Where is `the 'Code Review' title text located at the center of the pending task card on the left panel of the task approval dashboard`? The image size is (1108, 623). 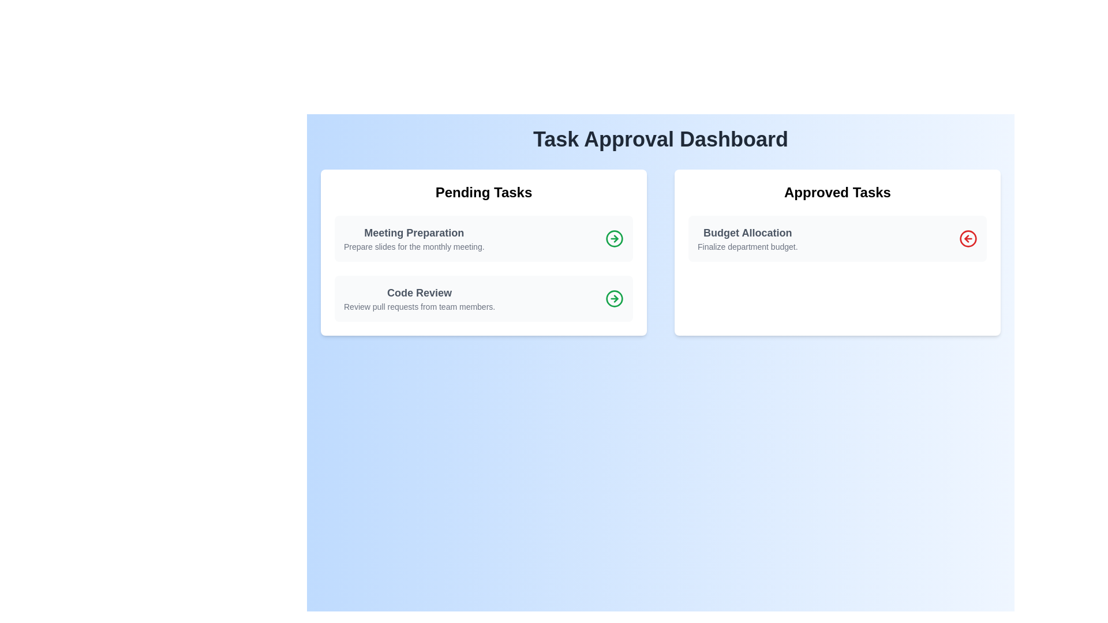
the 'Code Review' title text located at the center of the pending task card on the left panel of the task approval dashboard is located at coordinates (418, 292).